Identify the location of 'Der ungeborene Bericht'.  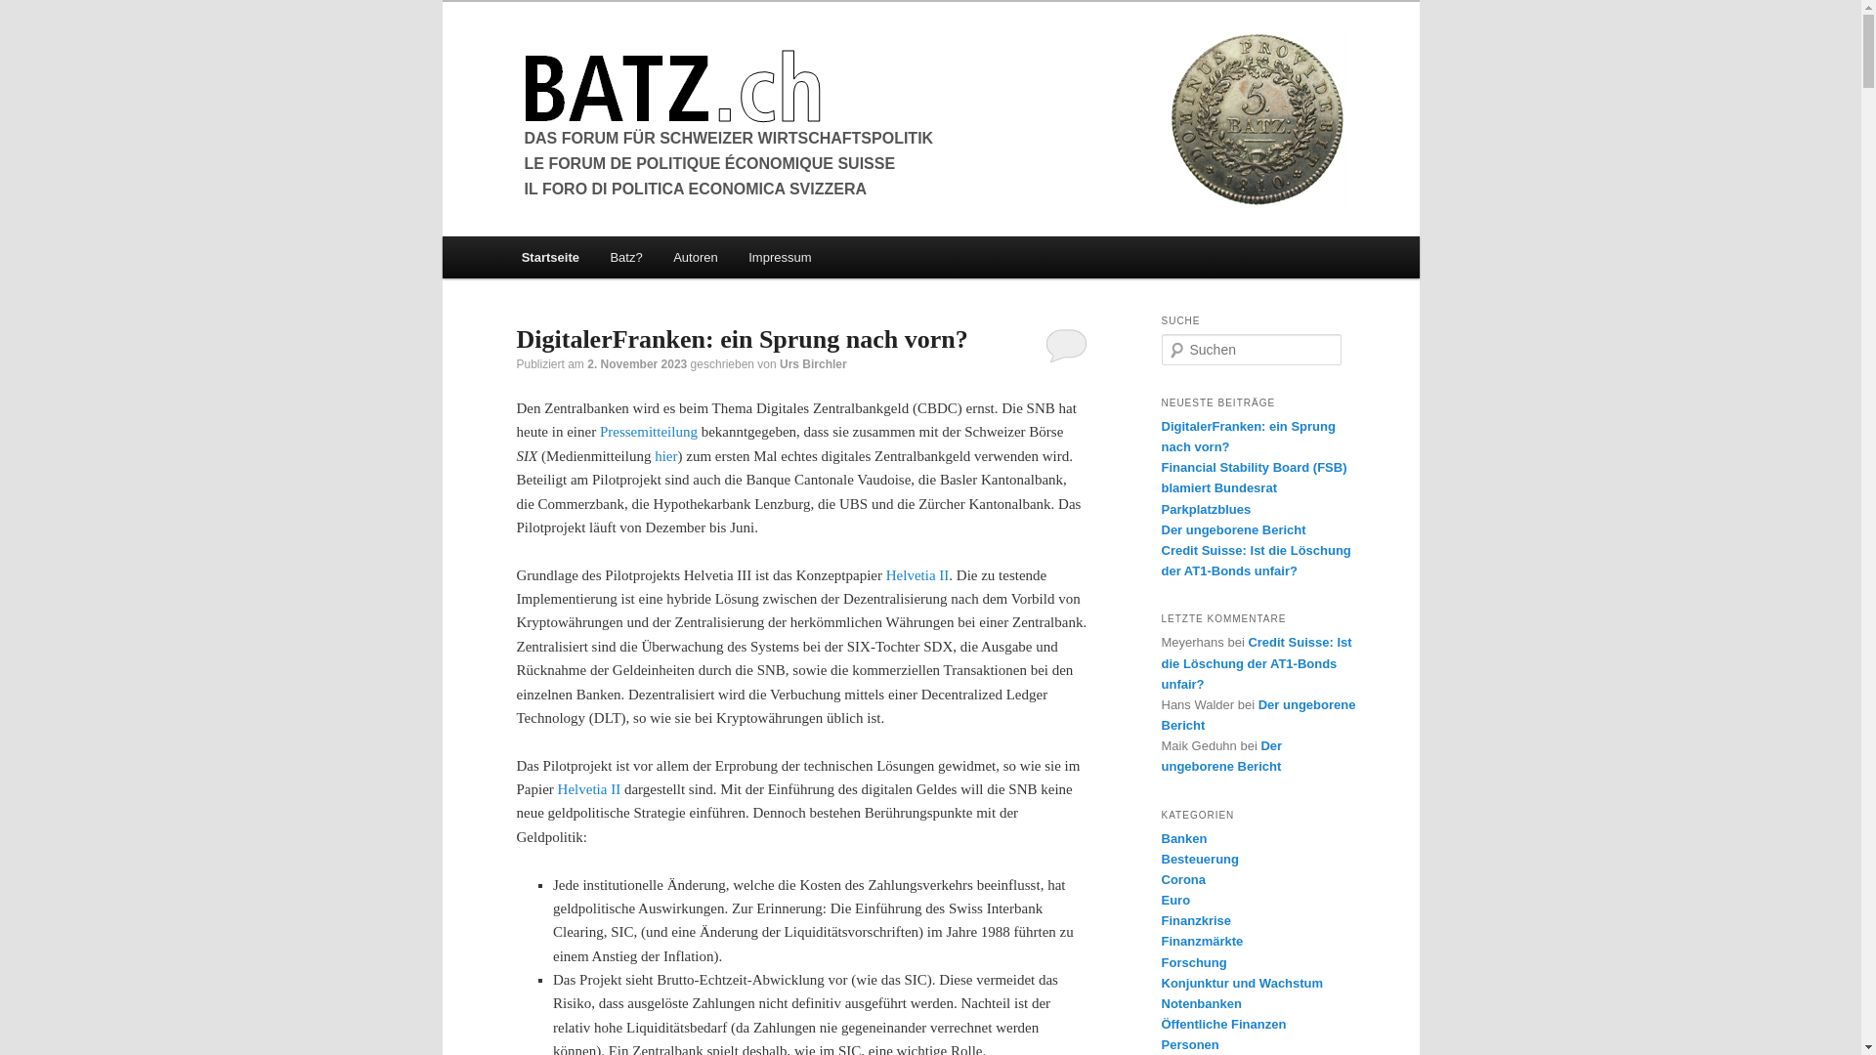
(1161, 755).